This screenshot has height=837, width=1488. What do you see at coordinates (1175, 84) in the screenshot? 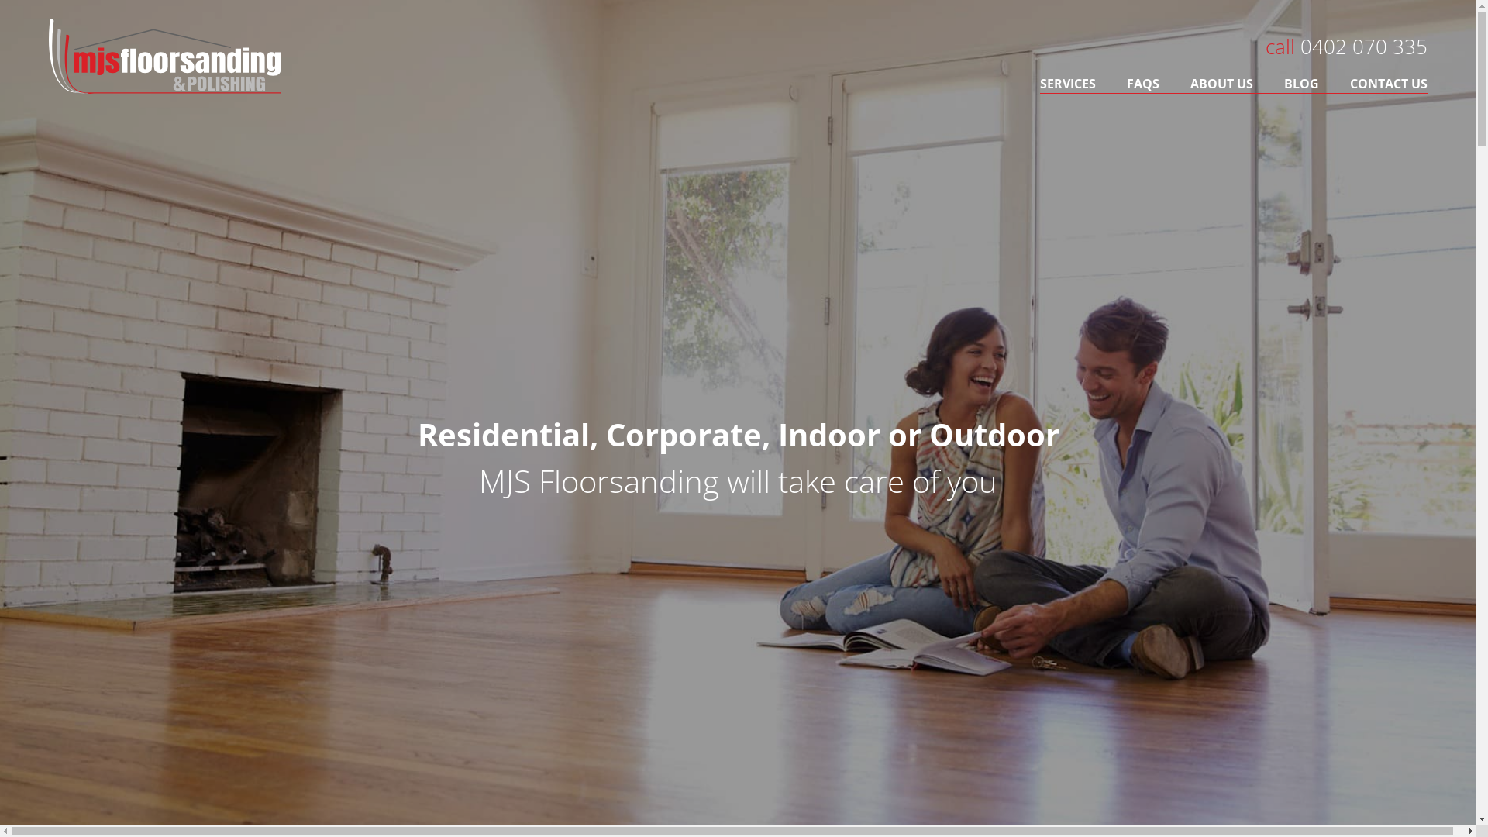
I see `'ABOUT US'` at bounding box center [1175, 84].